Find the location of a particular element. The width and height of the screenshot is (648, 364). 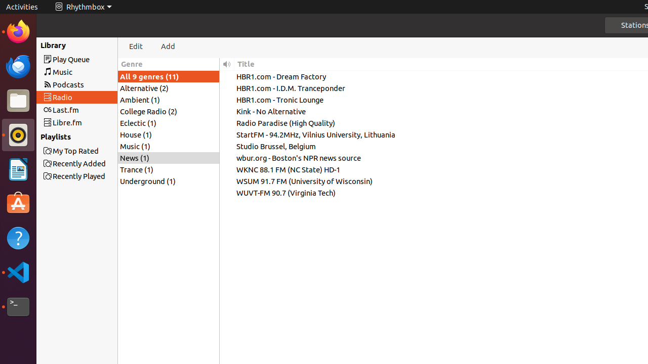

'All 9 genres (11)' is located at coordinates (169, 76).